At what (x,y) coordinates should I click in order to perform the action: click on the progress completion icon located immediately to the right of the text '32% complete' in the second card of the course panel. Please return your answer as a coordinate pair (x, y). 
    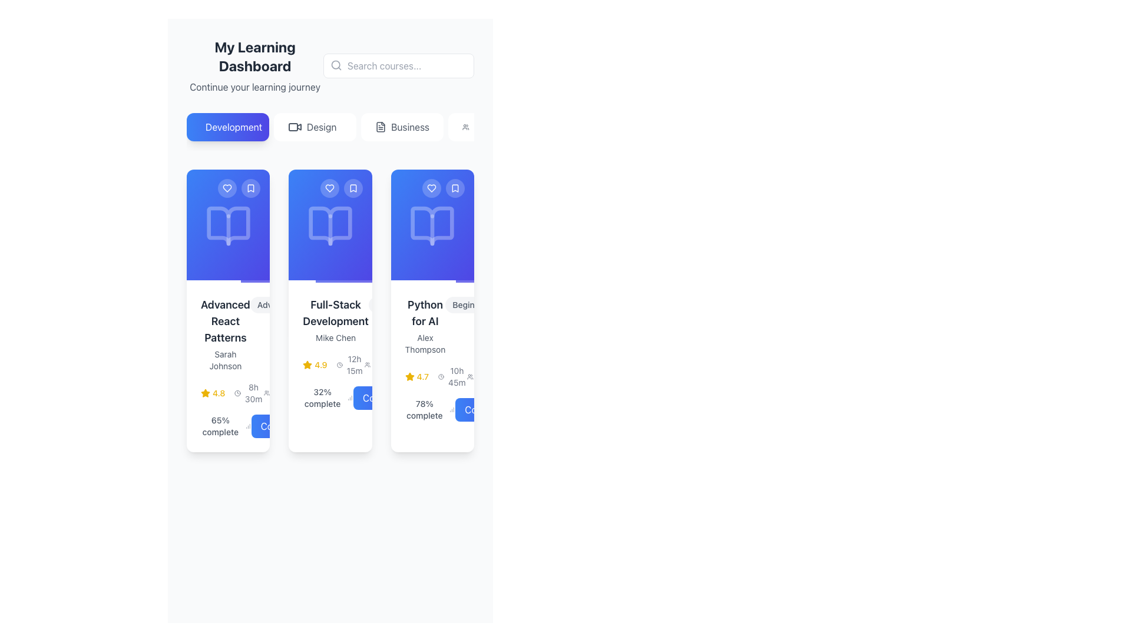
    Looking at the image, I should click on (349, 397).